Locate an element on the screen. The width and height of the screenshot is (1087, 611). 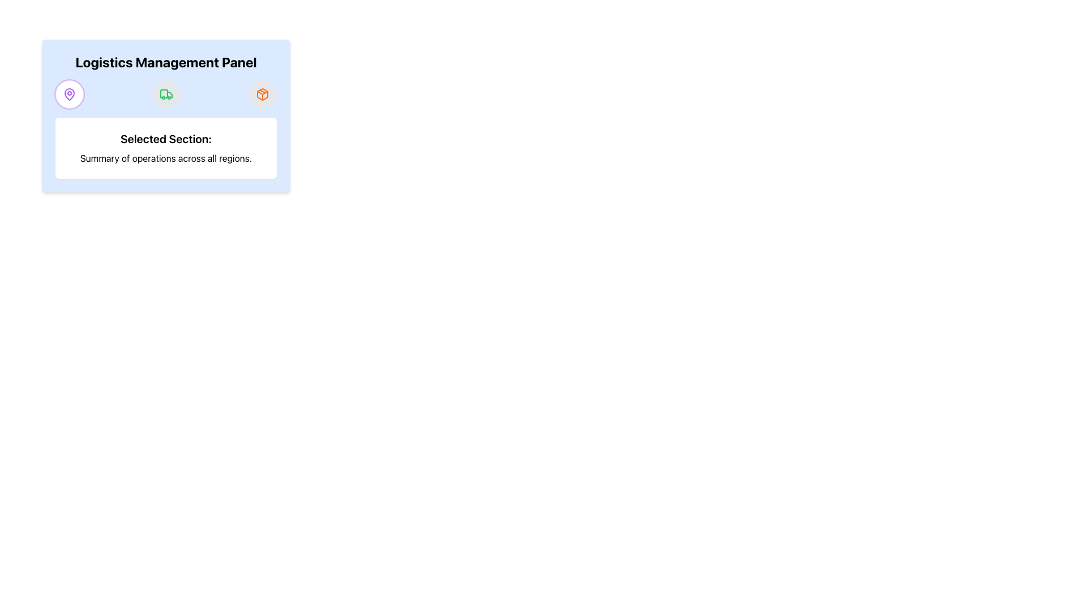
the circular button with a light-gray background and a green truck icon, which is the middle button in a row of three buttons, located between a purple pin icon and an orange package icon is located at coordinates (165, 93).